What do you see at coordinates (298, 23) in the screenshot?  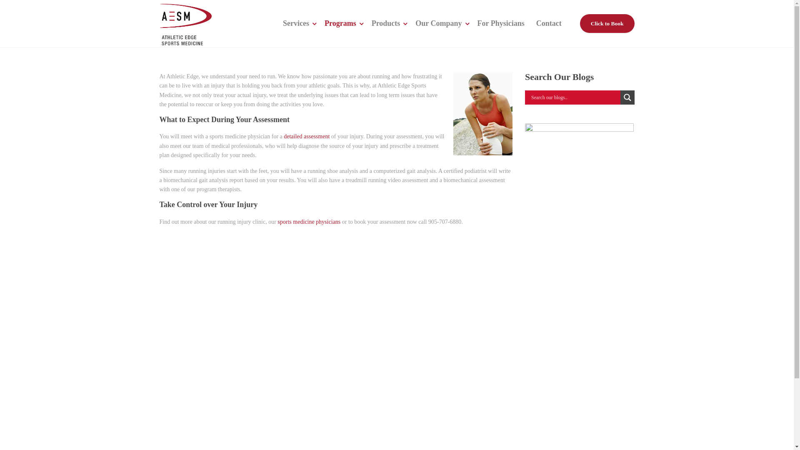 I see `'Services'` at bounding box center [298, 23].